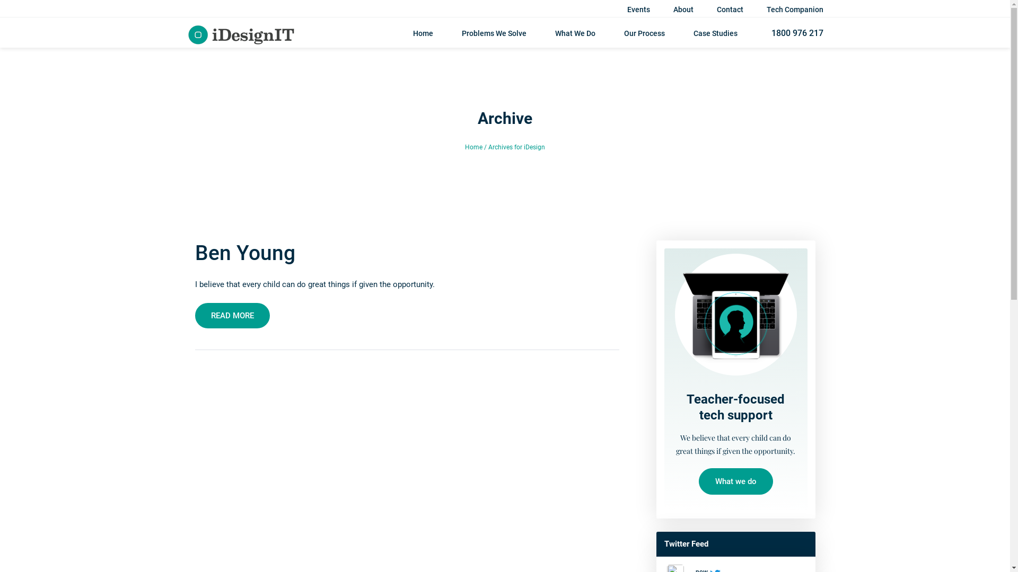 This screenshot has height=572, width=1018. I want to click on 'READ MORE', so click(195, 315).